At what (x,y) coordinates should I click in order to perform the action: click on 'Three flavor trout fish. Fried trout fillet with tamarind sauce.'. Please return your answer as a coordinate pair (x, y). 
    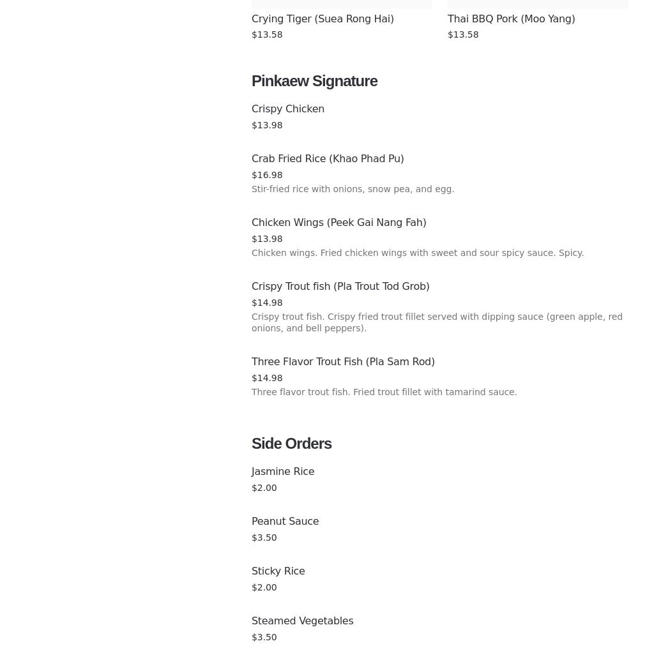
    Looking at the image, I should click on (384, 392).